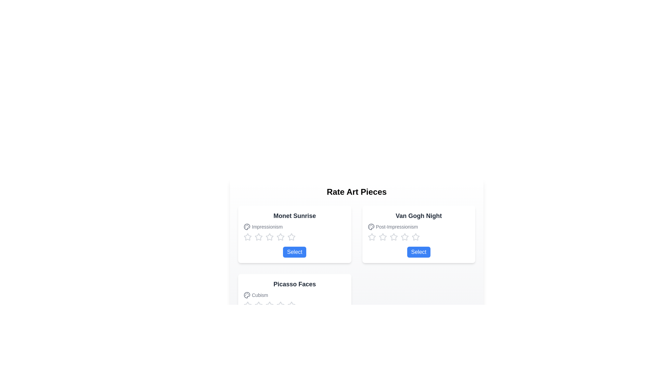 The width and height of the screenshot is (657, 369). Describe the element at coordinates (418, 237) in the screenshot. I see `the highlighted fifth star in the Rating stars row` at that location.